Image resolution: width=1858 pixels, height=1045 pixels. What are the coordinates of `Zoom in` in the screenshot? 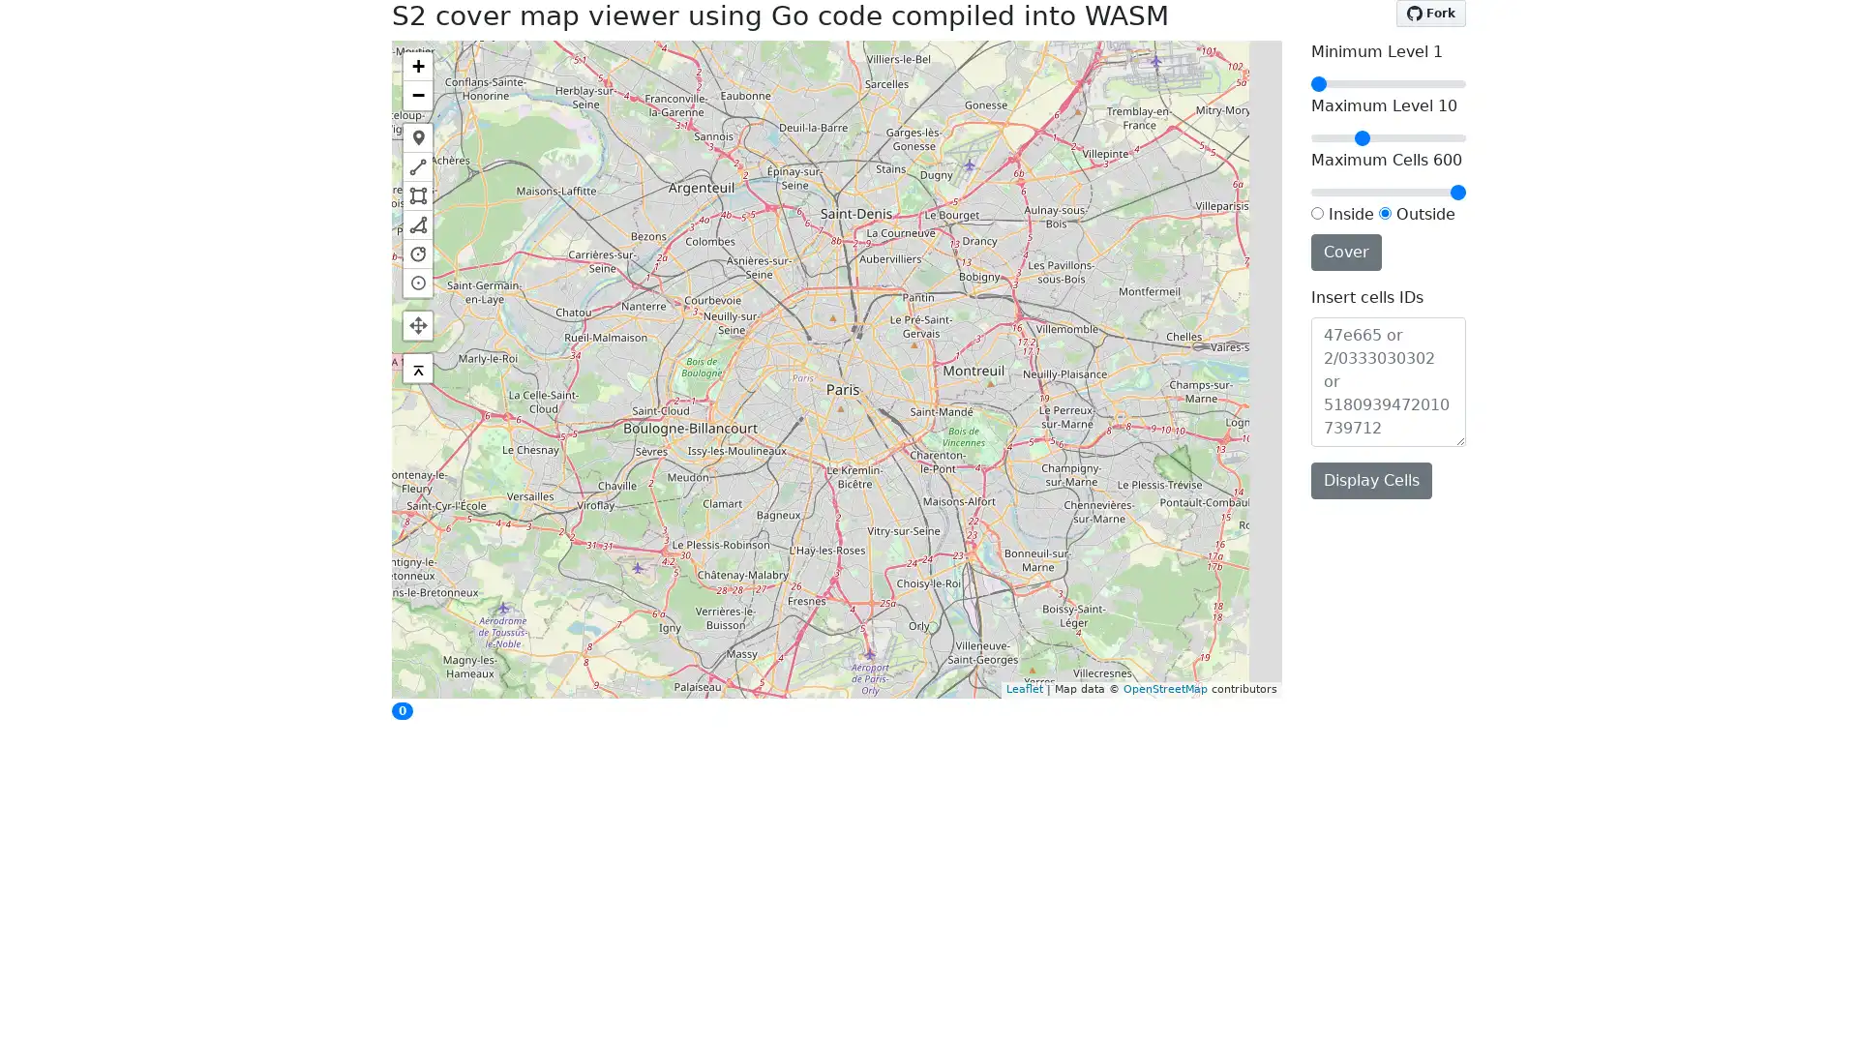 It's located at (417, 65).